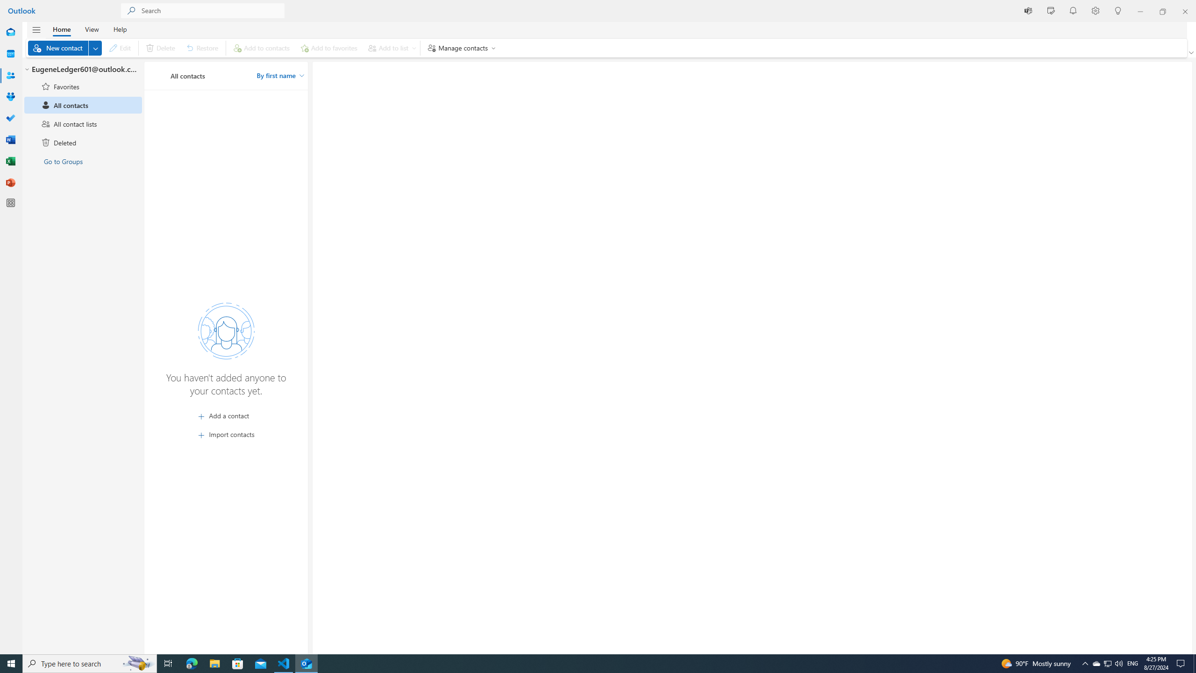 The width and height of the screenshot is (1196, 673). What do you see at coordinates (92, 29) in the screenshot?
I see `'View'` at bounding box center [92, 29].